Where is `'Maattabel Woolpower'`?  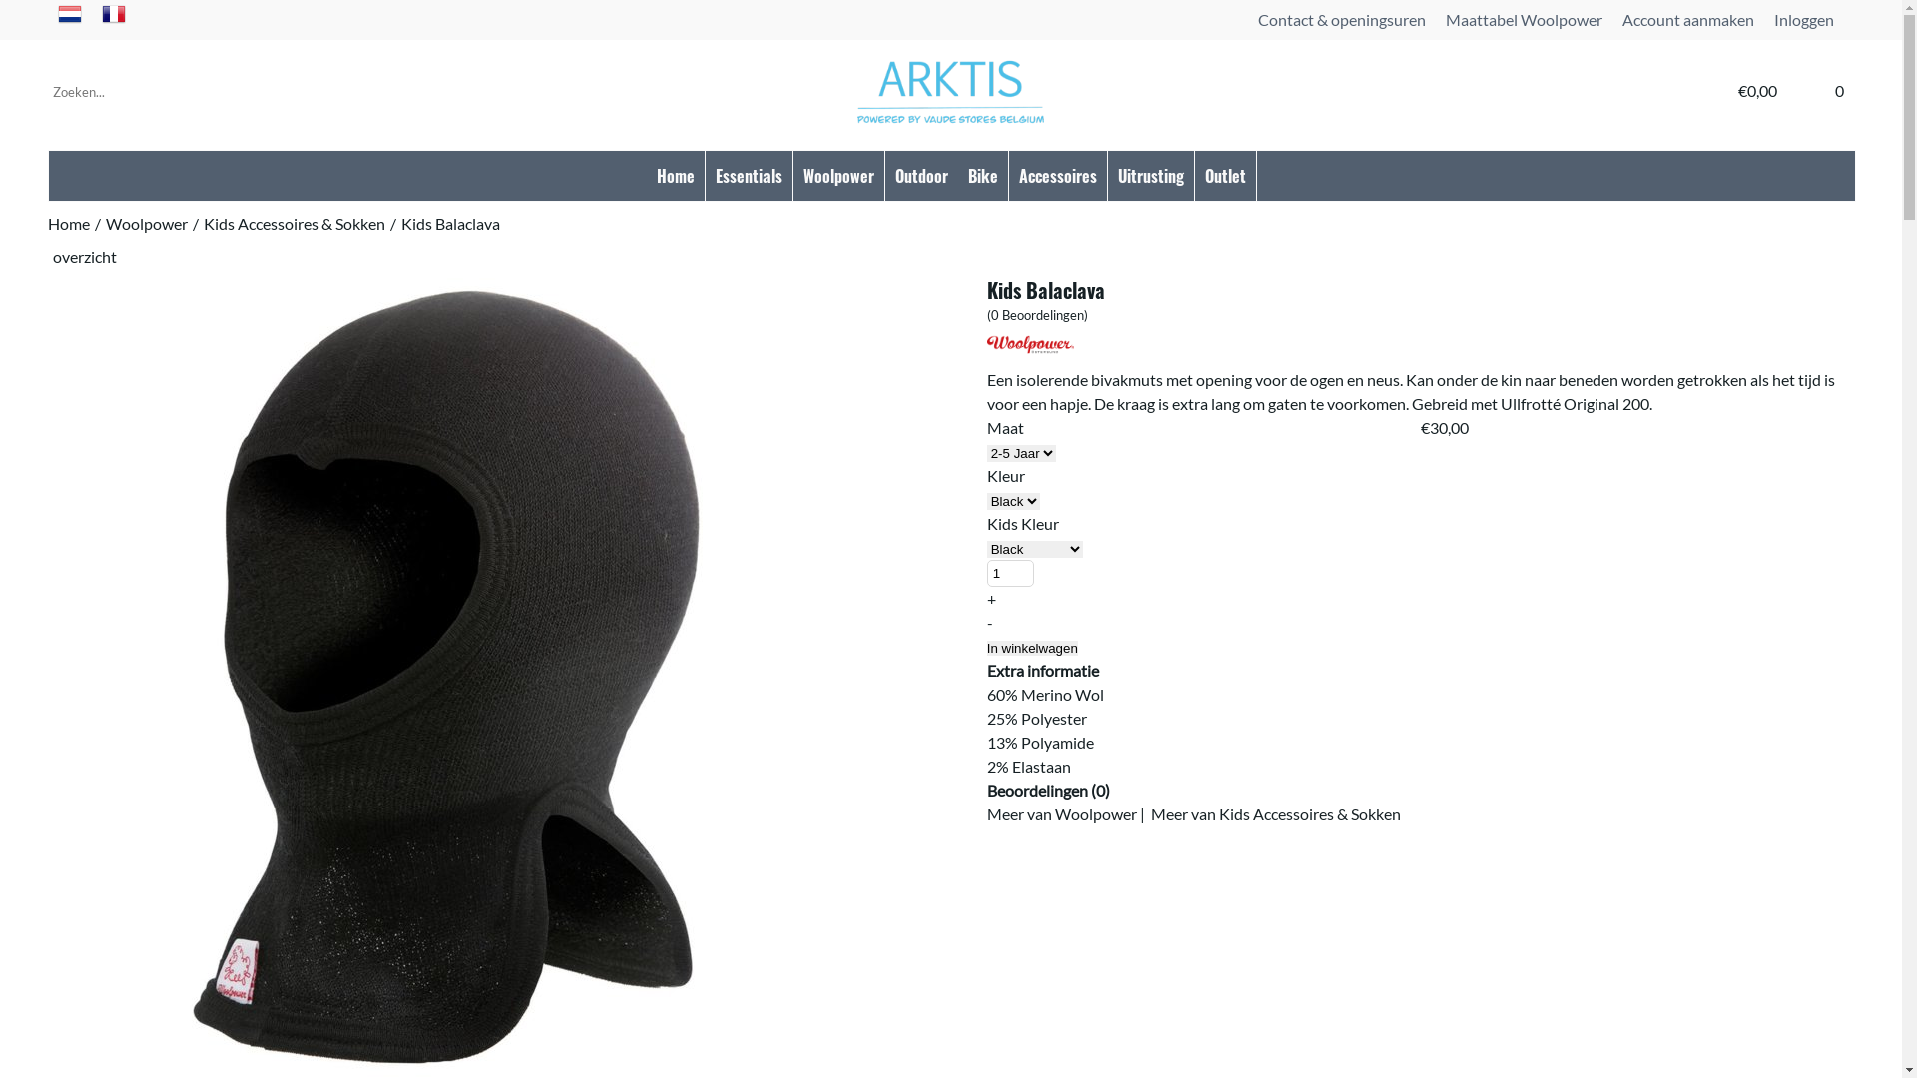
'Maattabel Woolpower' is located at coordinates (1523, 19).